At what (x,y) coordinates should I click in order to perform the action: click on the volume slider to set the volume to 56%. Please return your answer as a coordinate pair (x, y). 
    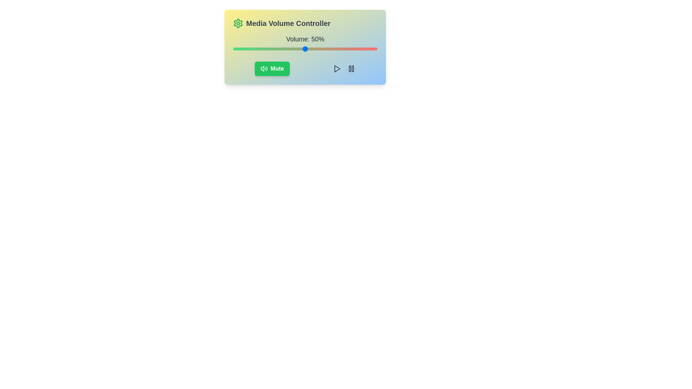
    Looking at the image, I should click on (314, 49).